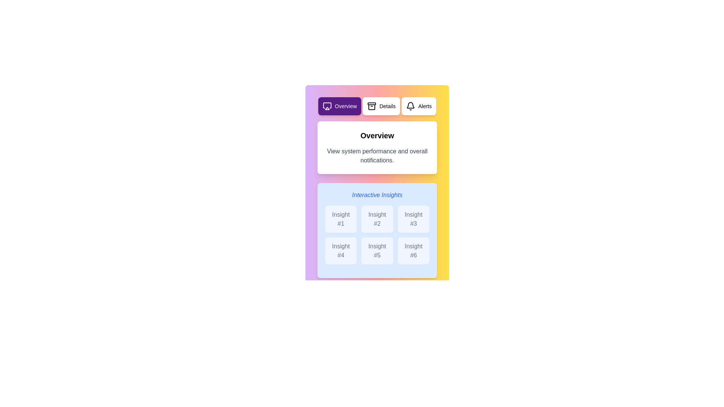  What do you see at coordinates (382, 106) in the screenshot?
I see `the Details tab to view its content` at bounding box center [382, 106].